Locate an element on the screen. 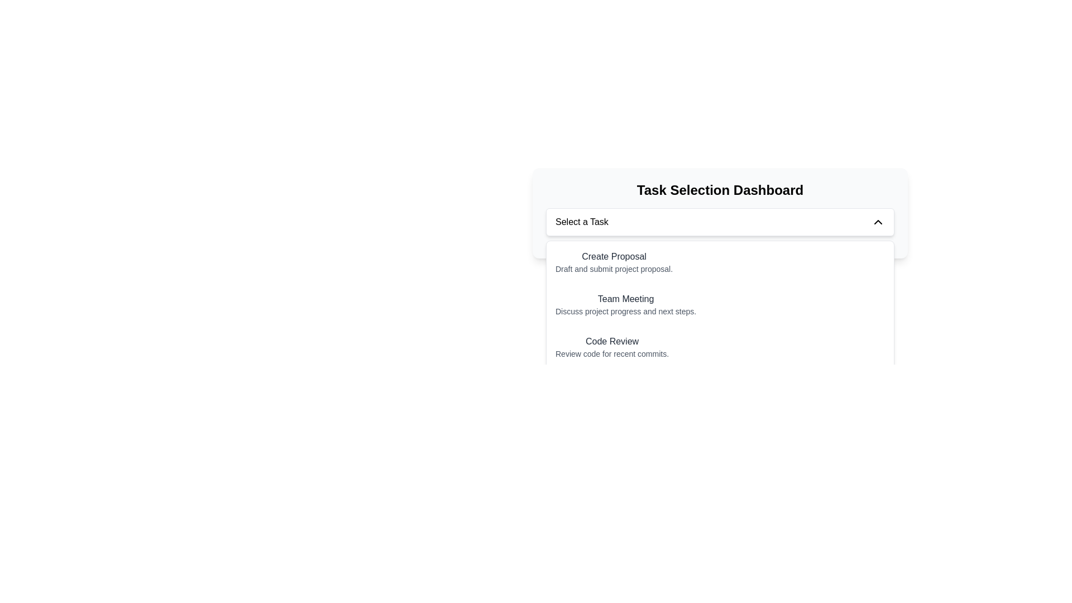 The width and height of the screenshot is (1072, 603). the small triangular-shaped icon resembling an upward-pointing chevron located in the right section of the dropdown header bar labeled 'Select a Task' is located at coordinates (878, 222).